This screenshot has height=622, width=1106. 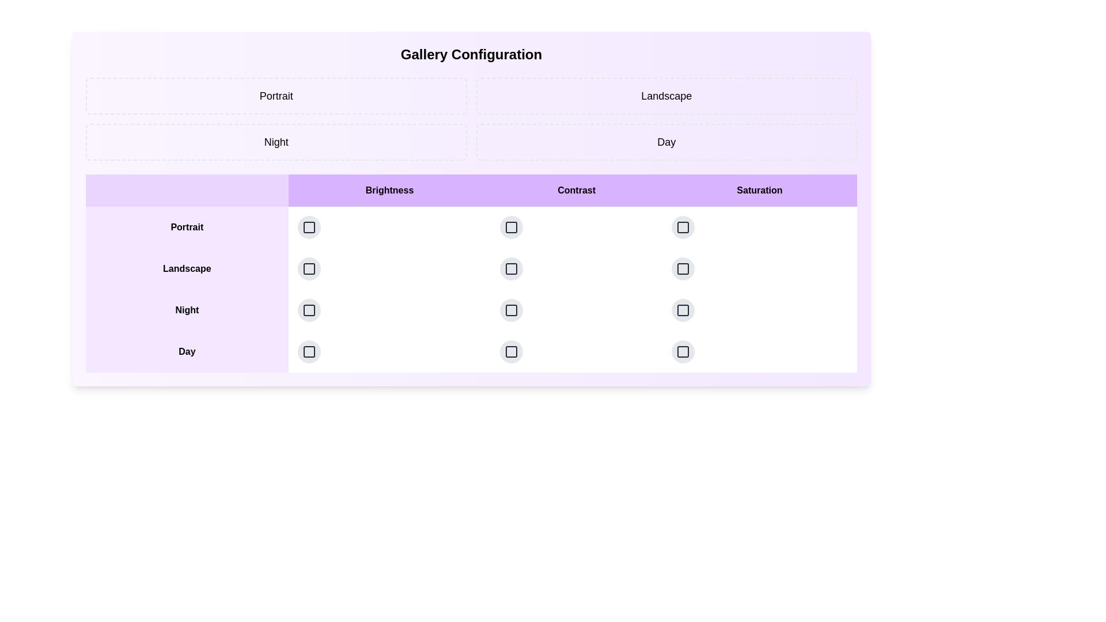 What do you see at coordinates (511, 268) in the screenshot?
I see `the icon in the 'Contrast' column and 'Night' row of the settings menu` at bounding box center [511, 268].